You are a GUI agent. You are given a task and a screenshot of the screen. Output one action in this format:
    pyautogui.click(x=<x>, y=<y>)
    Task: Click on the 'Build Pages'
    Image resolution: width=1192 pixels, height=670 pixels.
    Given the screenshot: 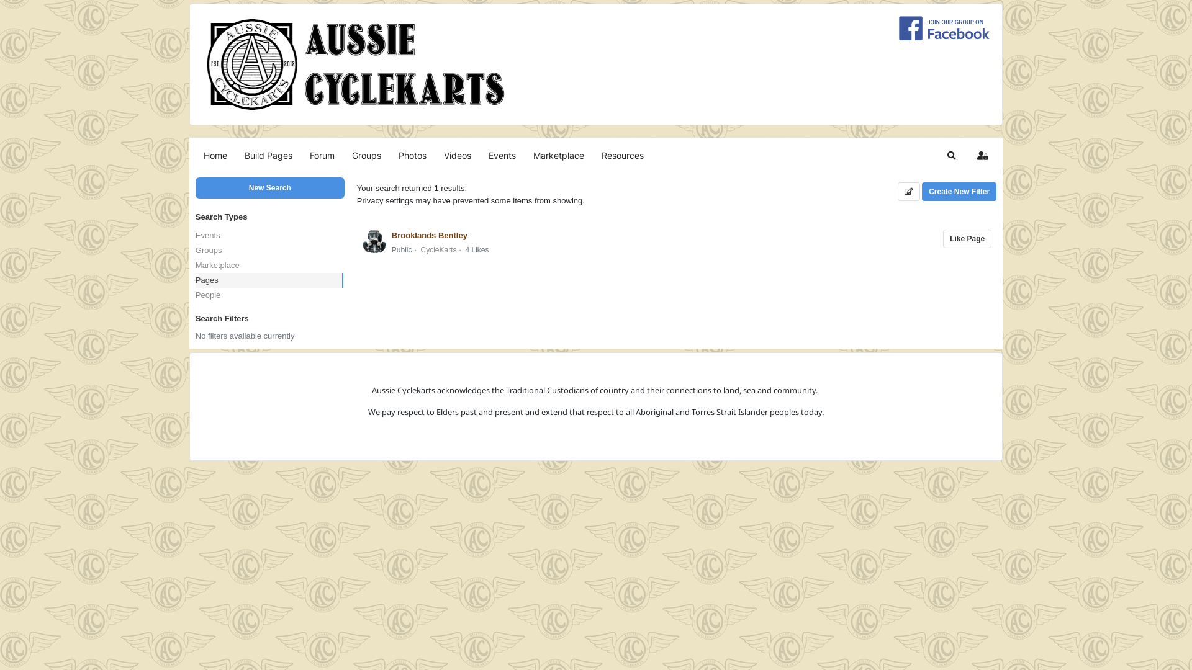 What is the action you would take?
    pyautogui.click(x=268, y=154)
    